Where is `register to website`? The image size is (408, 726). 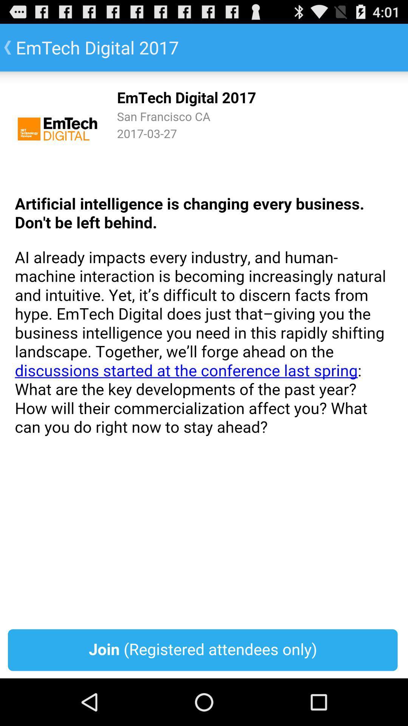
register to website is located at coordinates (204, 375).